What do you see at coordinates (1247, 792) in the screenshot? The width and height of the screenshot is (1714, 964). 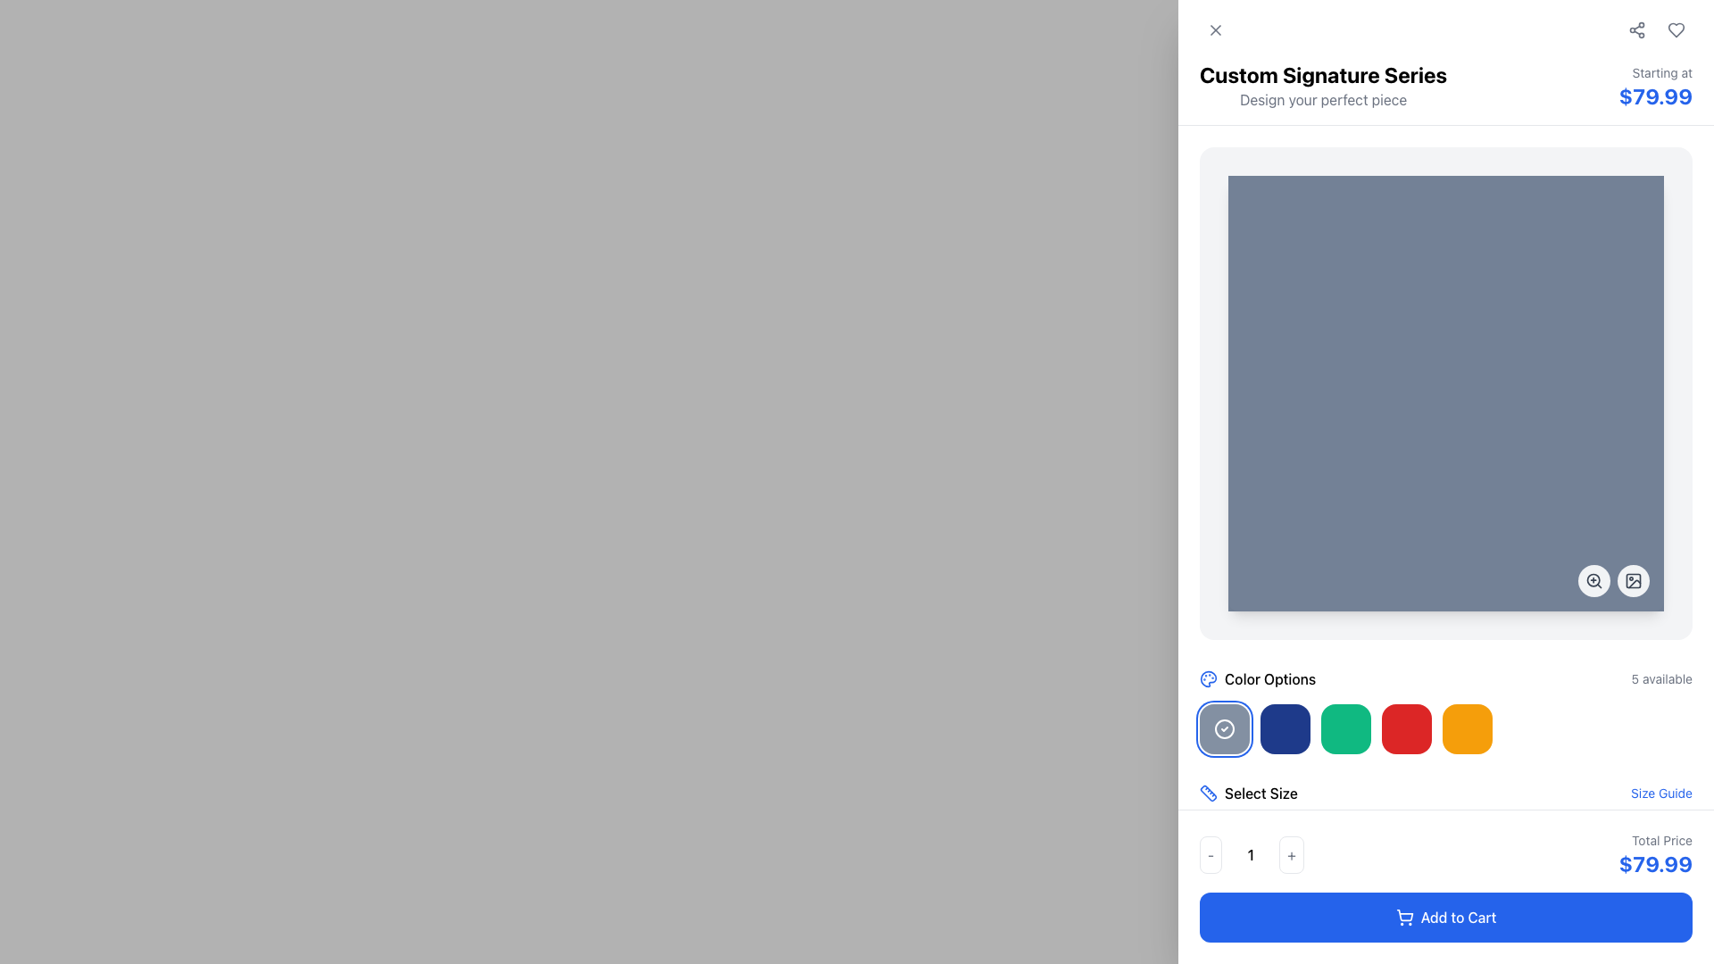 I see `the Label with icon prompting the user to choose a size for the selected product, located in the lower part of the right panel near the 'Color Options' section` at bounding box center [1247, 792].